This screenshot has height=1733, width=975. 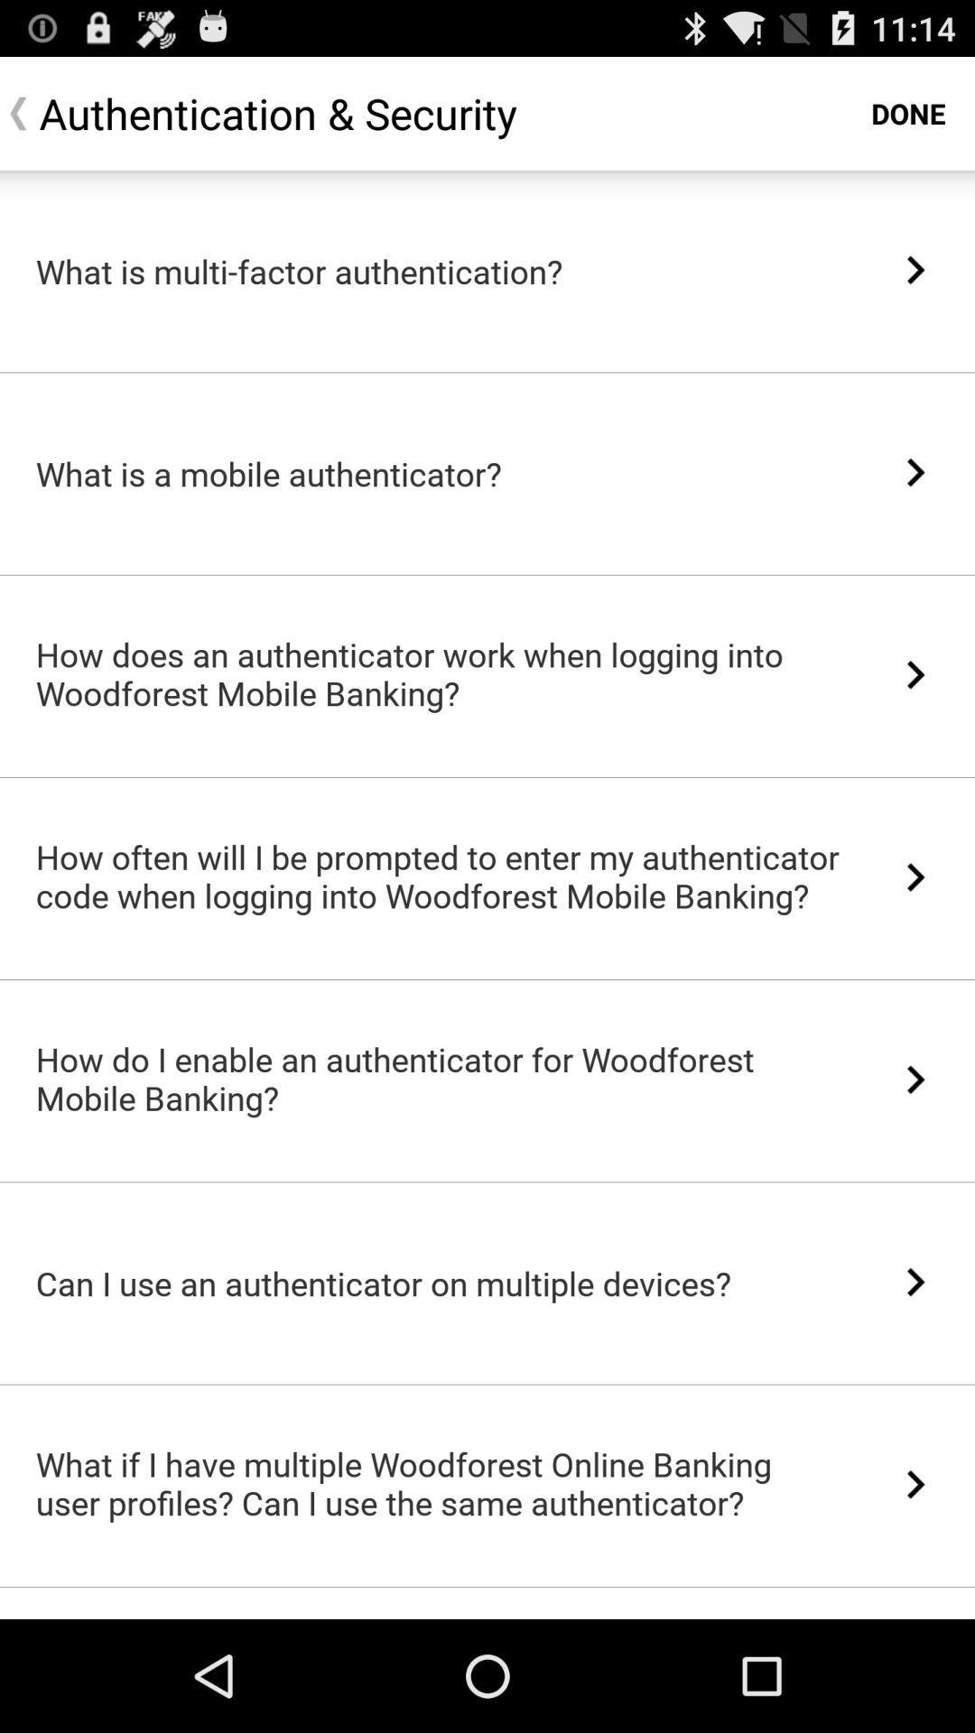 I want to click on icon next to what is a item, so click(x=915, y=472).